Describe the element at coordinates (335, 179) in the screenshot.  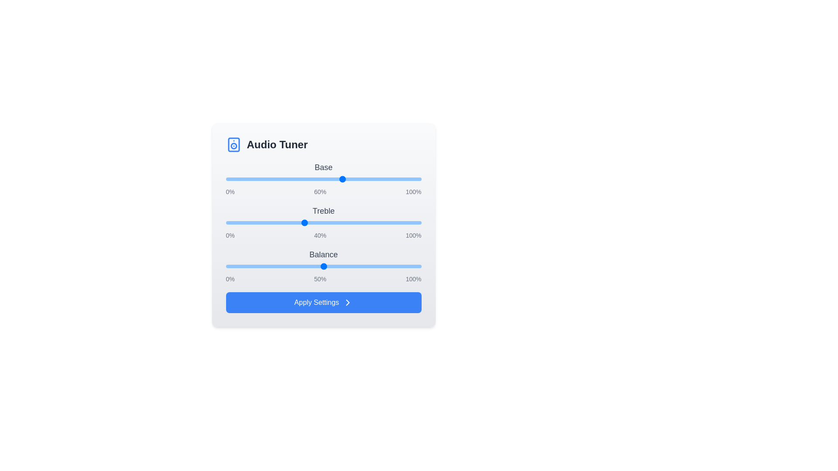
I see `the 0 slider to 56%` at that location.